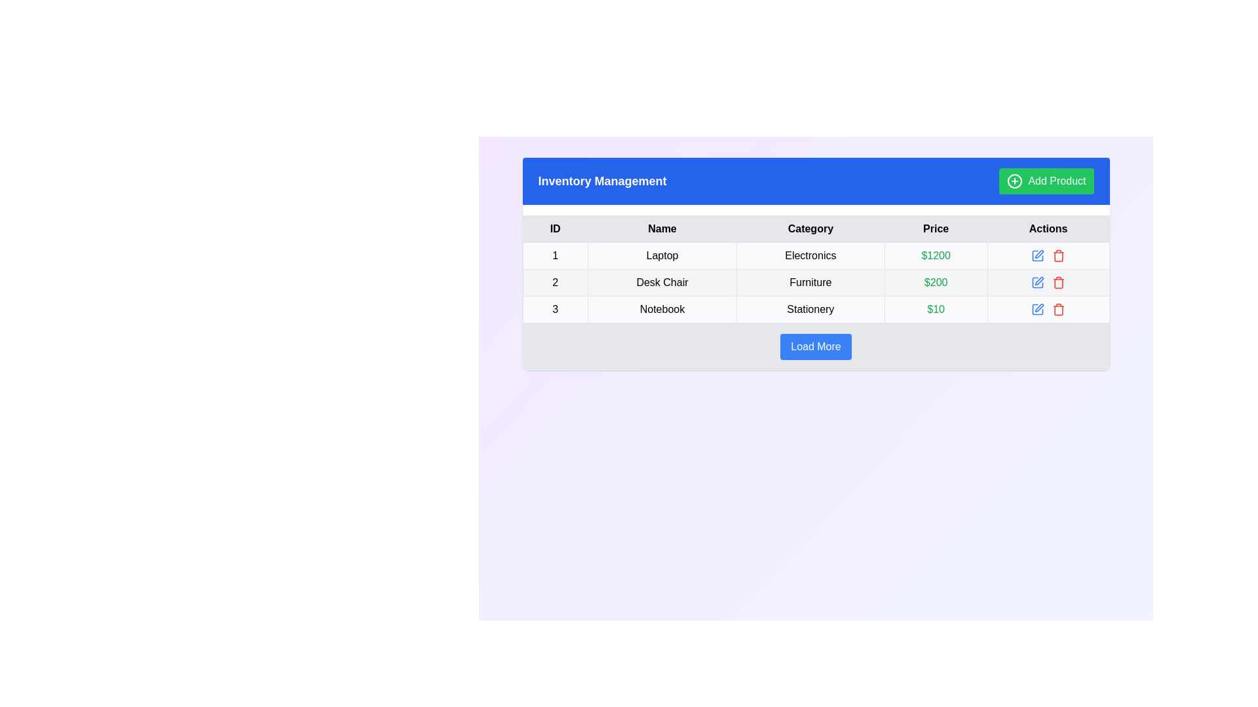 The height and width of the screenshot is (707, 1258). I want to click on the blue-colored pen icon in the Actions cell of the second row to modify the Desk Chair item, so click(1048, 282).